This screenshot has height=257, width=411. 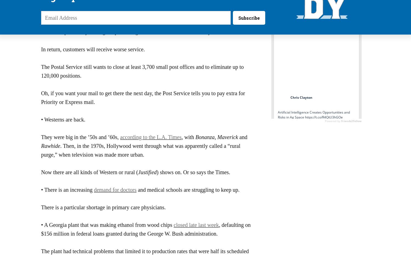 What do you see at coordinates (205, 137) in the screenshot?
I see `'Bonanza'` at bounding box center [205, 137].